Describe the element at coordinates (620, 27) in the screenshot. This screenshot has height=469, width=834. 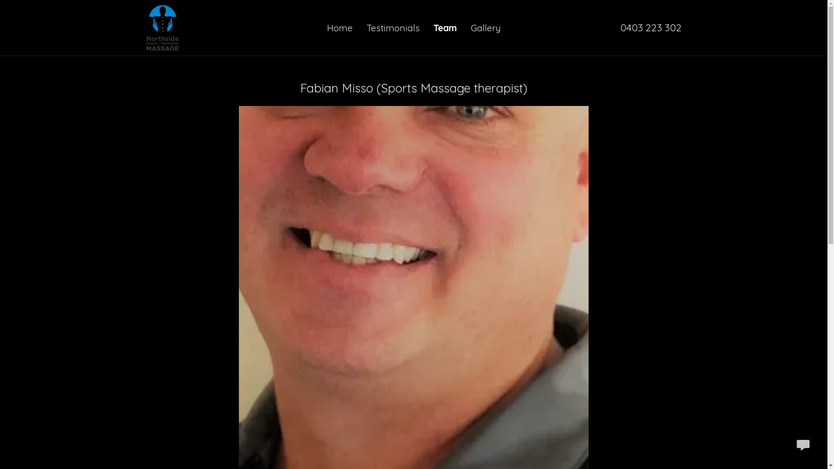
I see `'0403 223 302'` at that location.